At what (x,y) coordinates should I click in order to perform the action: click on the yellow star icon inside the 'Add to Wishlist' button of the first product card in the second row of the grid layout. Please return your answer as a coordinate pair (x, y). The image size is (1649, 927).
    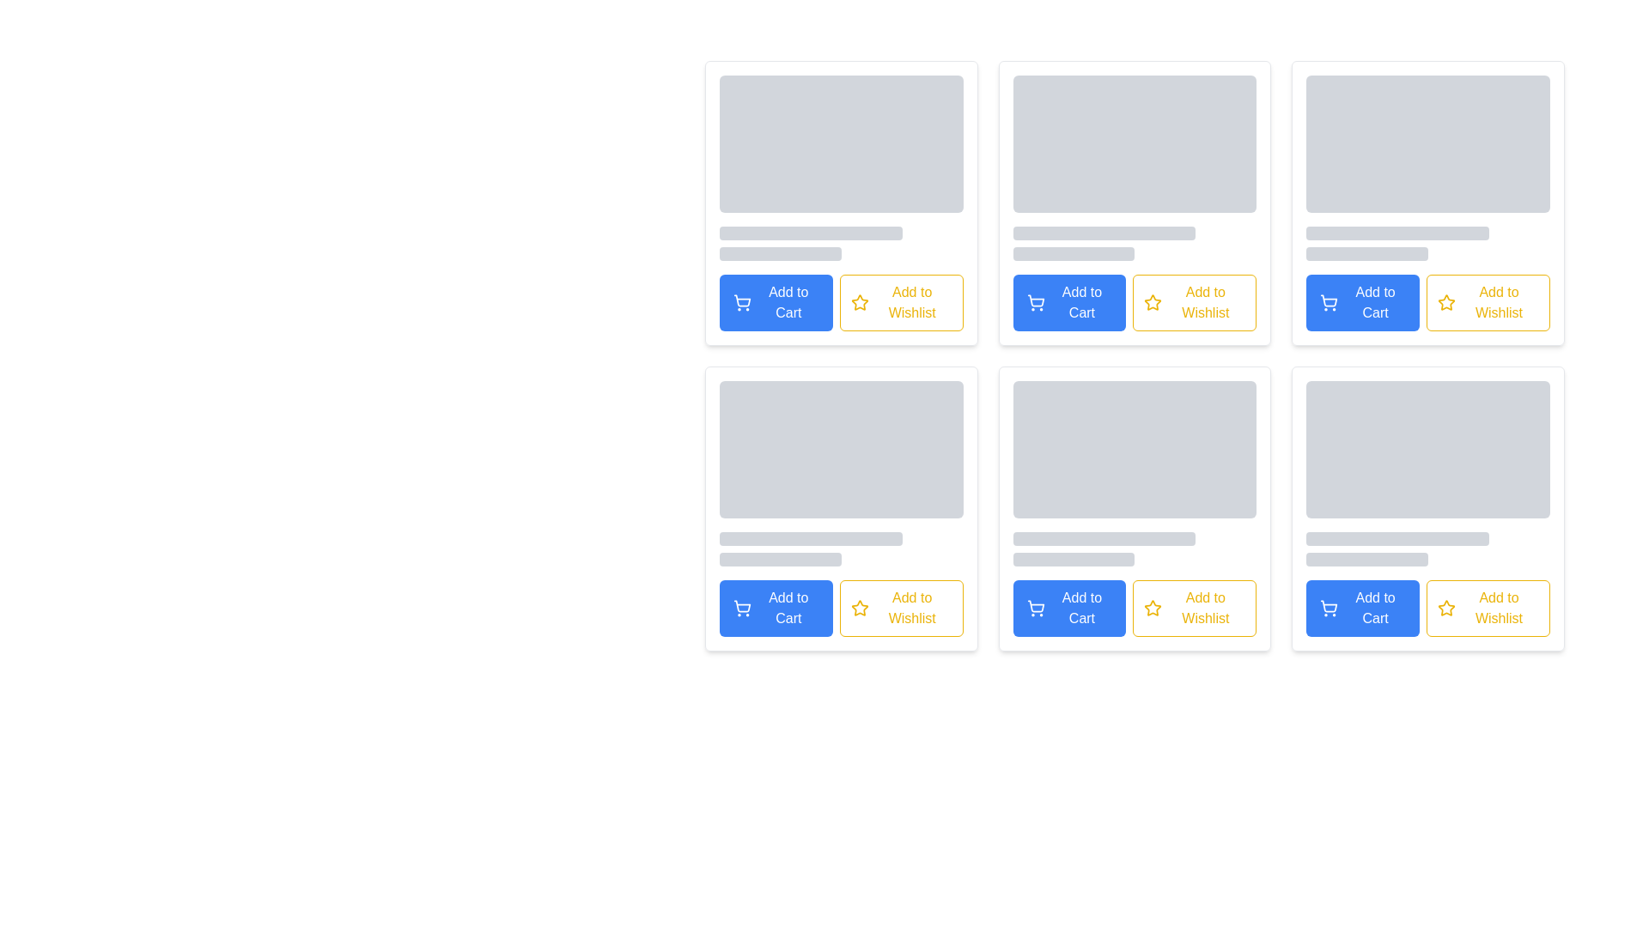
    Looking at the image, I should click on (860, 302).